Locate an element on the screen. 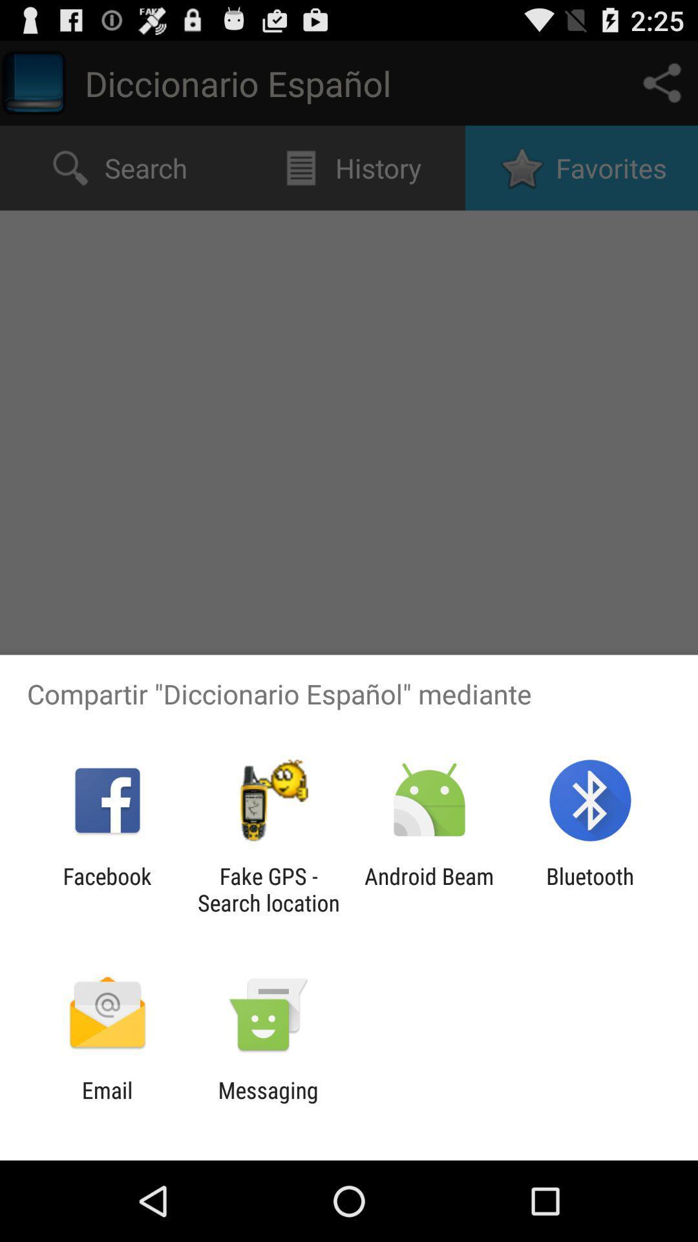 The image size is (698, 1242). app to the right of the facebook app is located at coordinates (268, 889).